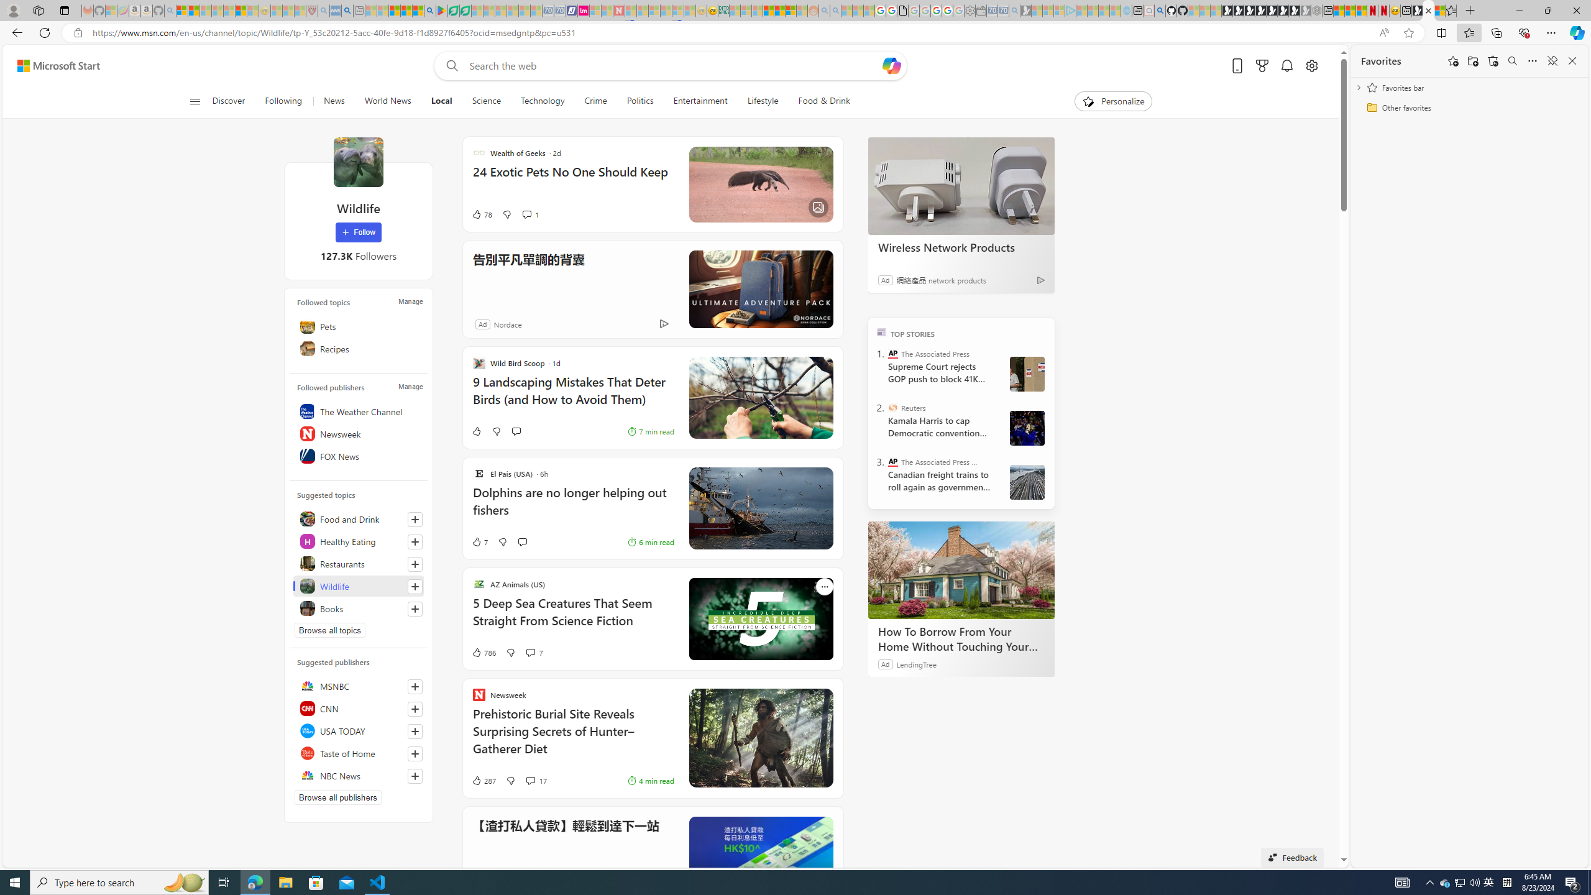  I want to click on 'Follow this source', so click(415, 776).